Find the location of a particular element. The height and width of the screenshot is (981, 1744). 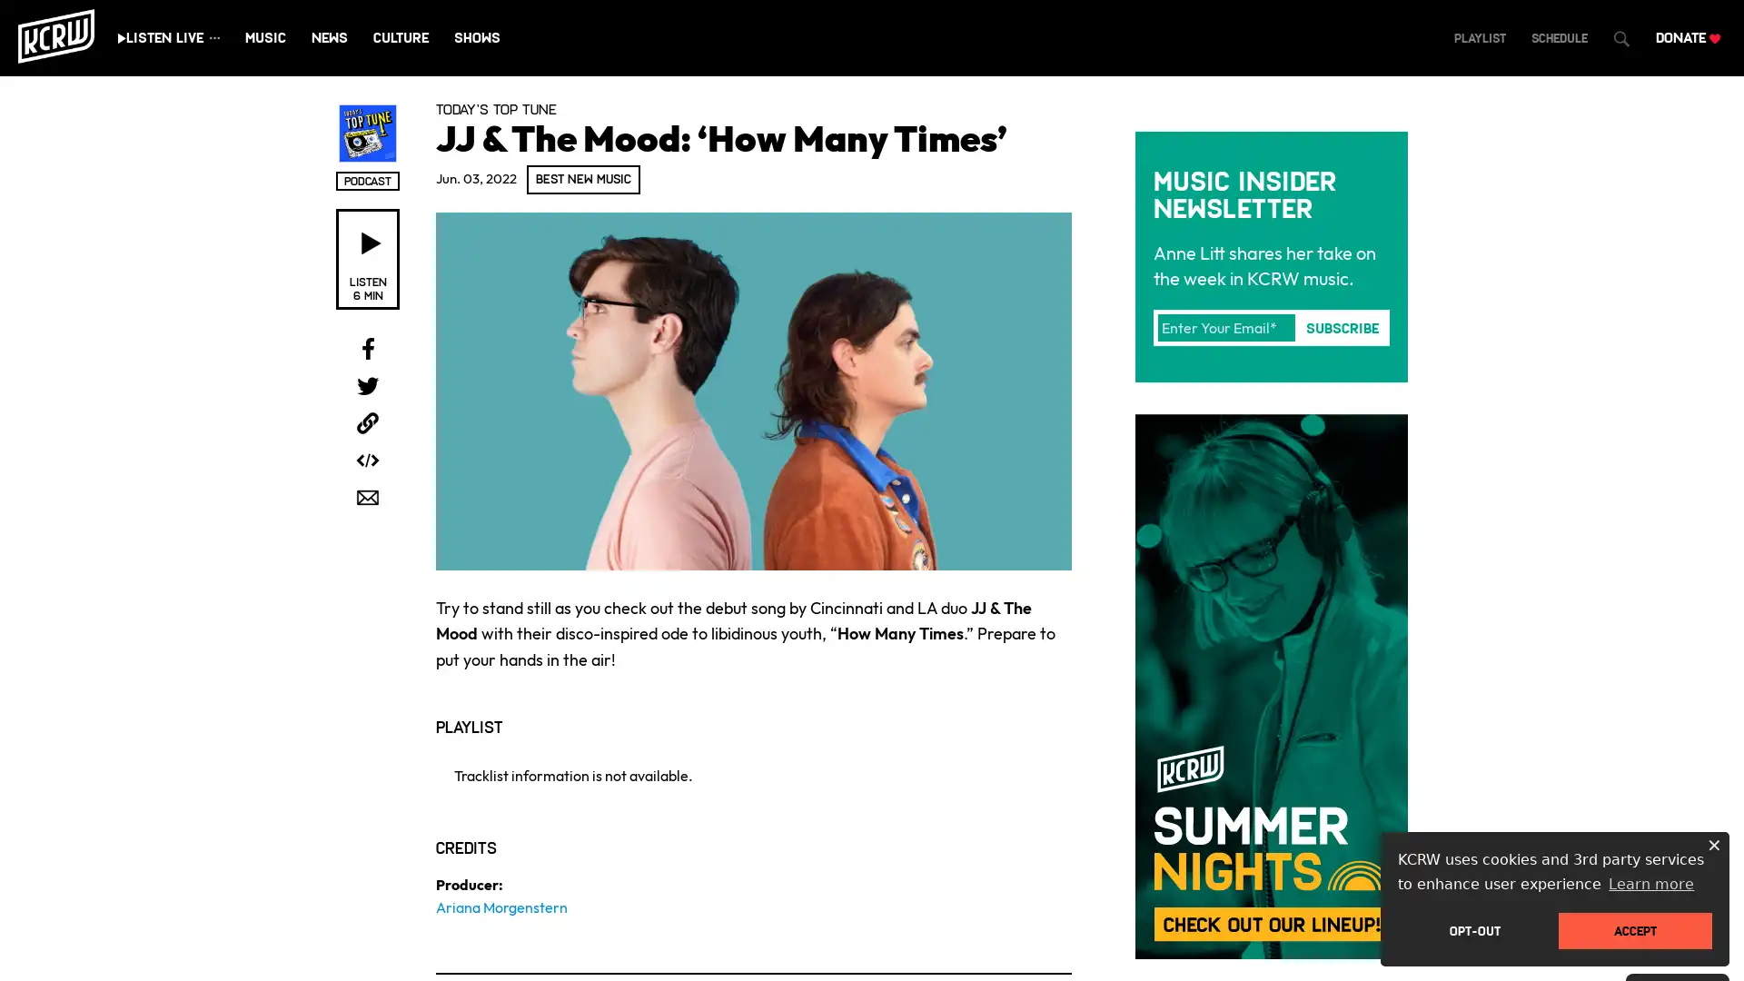

Play KCRW Eclectic 24 stream is located at coordinates (334, 38).